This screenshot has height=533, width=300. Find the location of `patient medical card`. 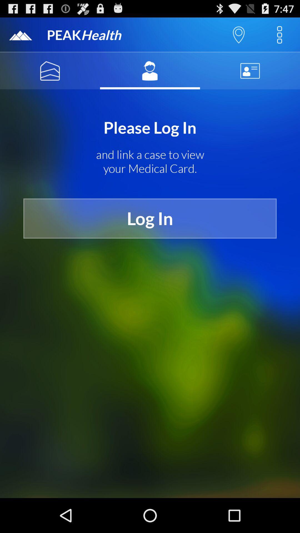

patient medical card is located at coordinates (150, 71).